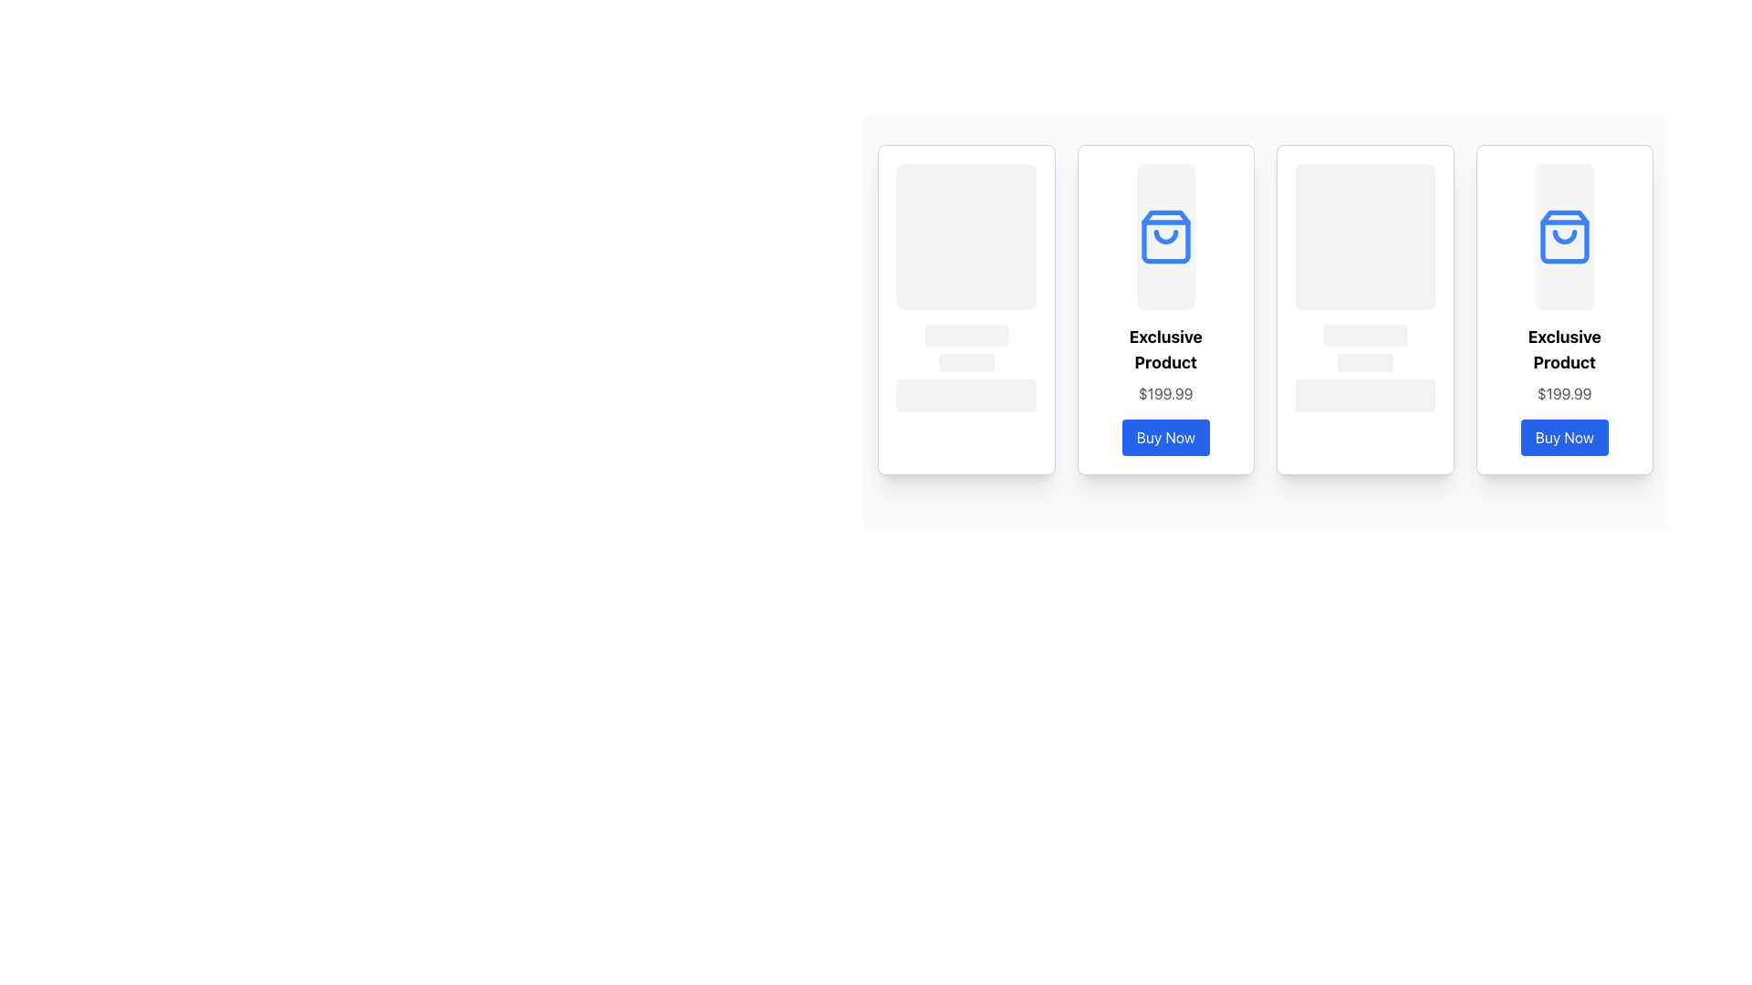 Image resolution: width=1752 pixels, height=985 pixels. Describe the element at coordinates (1563, 235) in the screenshot. I see `the shopping bag icon fragment represented` at that location.